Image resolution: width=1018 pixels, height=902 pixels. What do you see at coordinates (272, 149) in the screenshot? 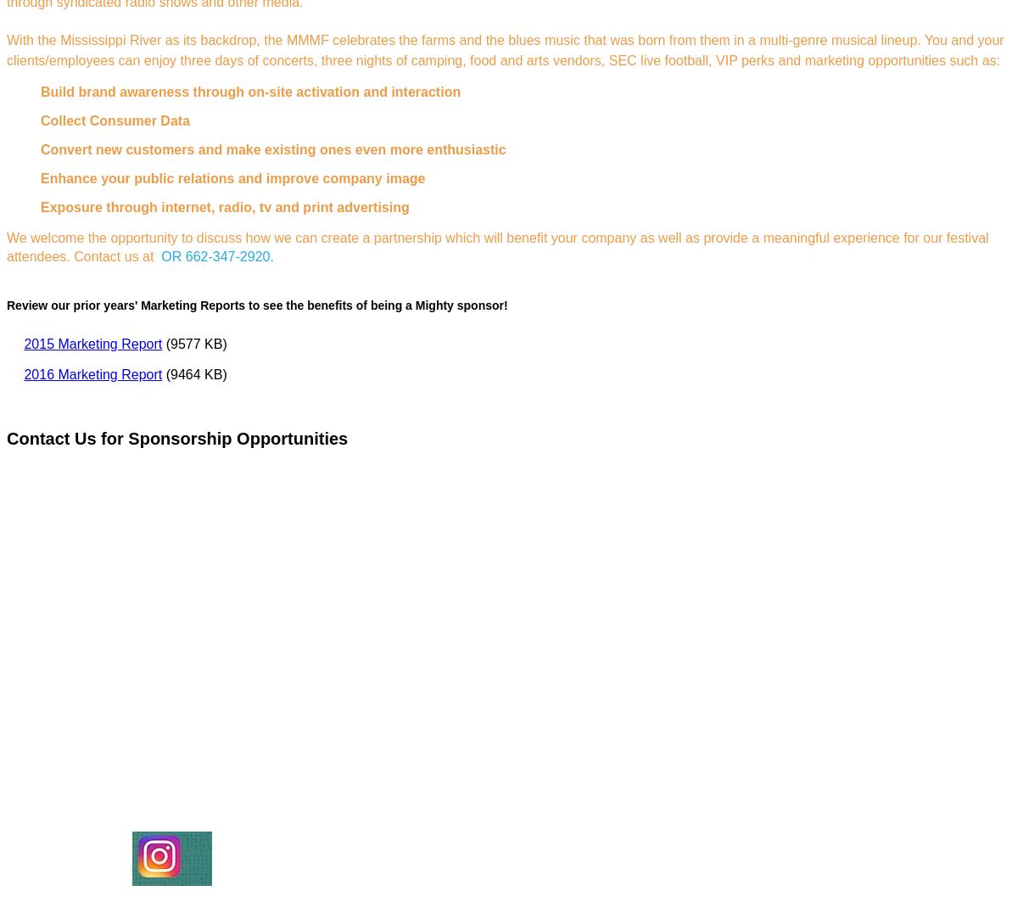
I see `'Convert new customers and make existing ones even more enthusiastic'` at bounding box center [272, 149].